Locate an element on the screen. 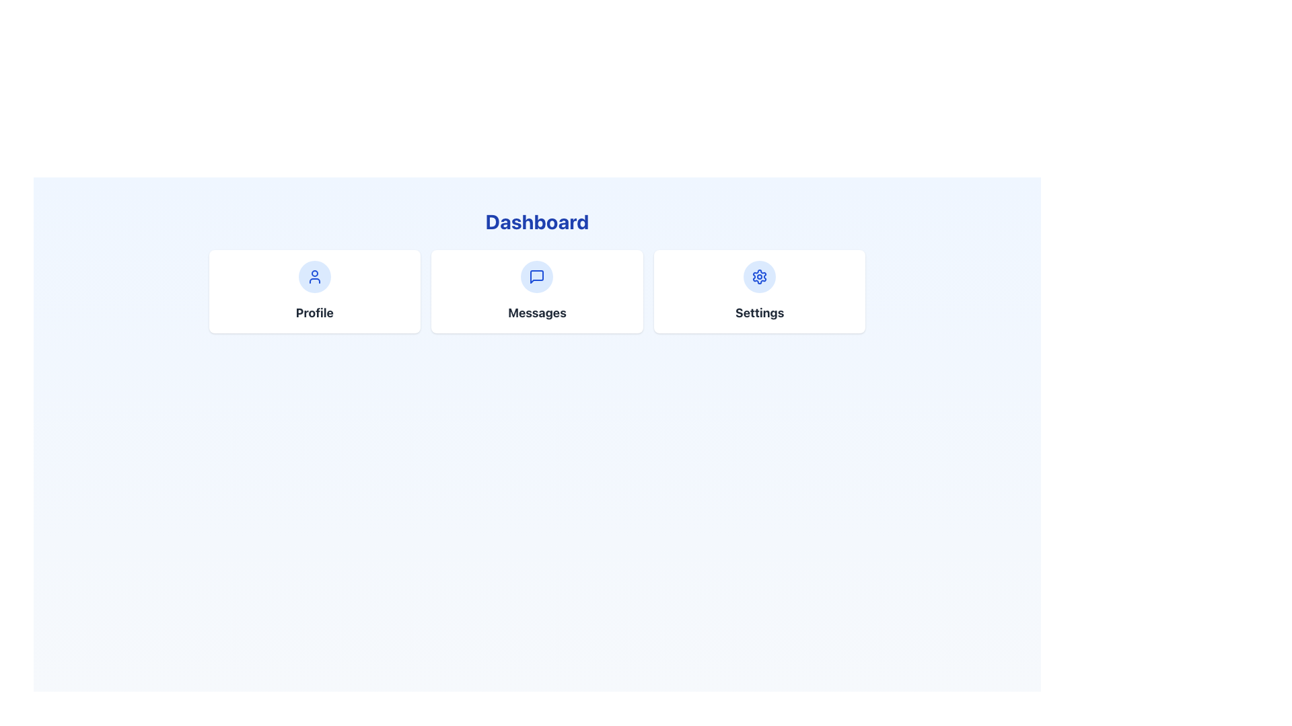  the gear icon representing settings, which is located in the 'Settings' card on the rightmost side of the interface is located at coordinates (760, 276).